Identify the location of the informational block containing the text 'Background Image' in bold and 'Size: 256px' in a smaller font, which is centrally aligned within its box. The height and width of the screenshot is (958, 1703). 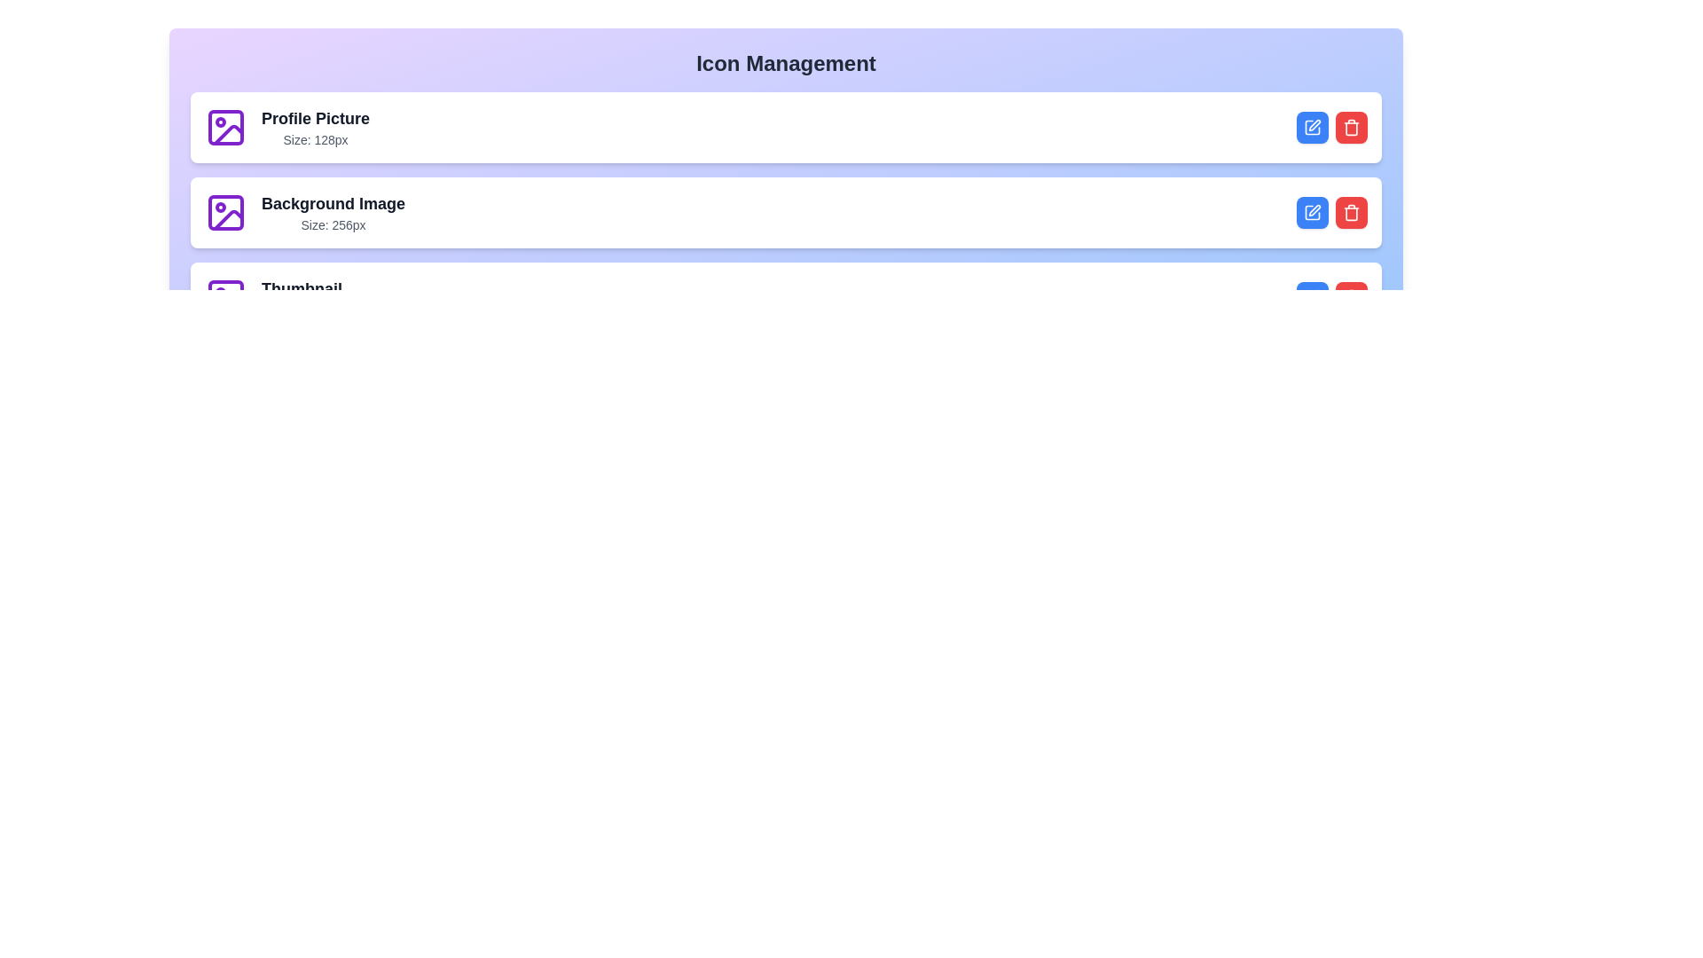
(333, 211).